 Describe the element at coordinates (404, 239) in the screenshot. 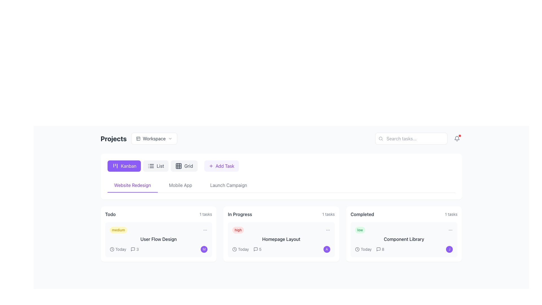

I see `the task card in the 'Completed' column` at that location.